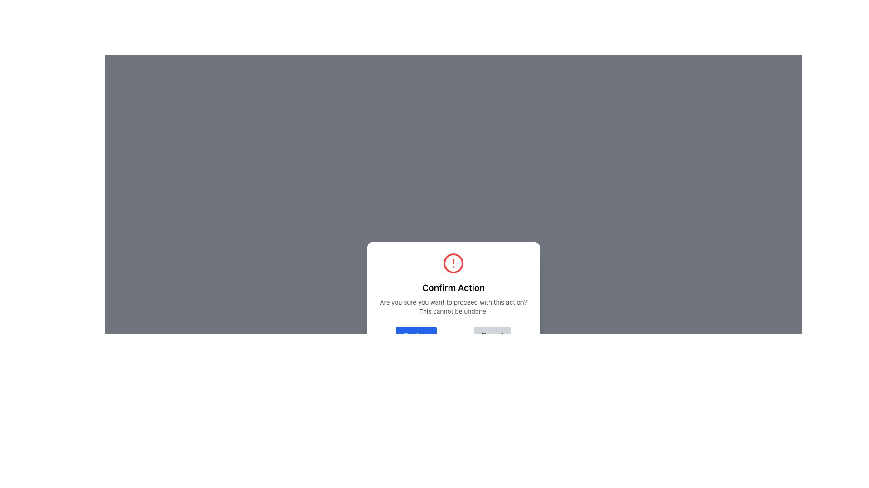 The height and width of the screenshot is (488, 869). Describe the element at coordinates (416, 336) in the screenshot. I see `the 'Confirm' button, which is a blue rectangular button with rounded corners and the text 'Confirm' in bold white font, located in the bottom left section of the modal dialog` at that location.